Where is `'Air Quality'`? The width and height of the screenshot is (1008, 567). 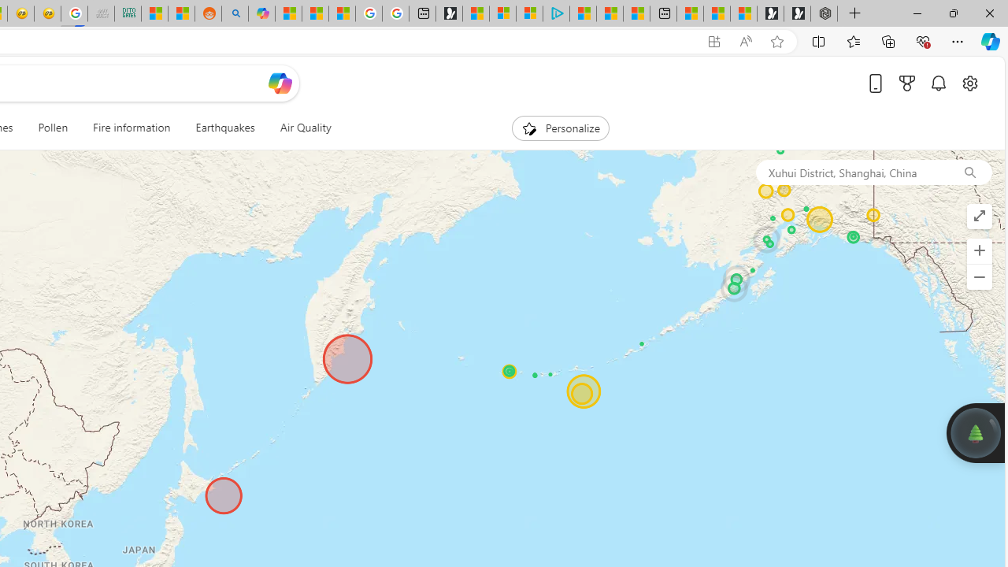 'Air Quality' is located at coordinates (305, 128).